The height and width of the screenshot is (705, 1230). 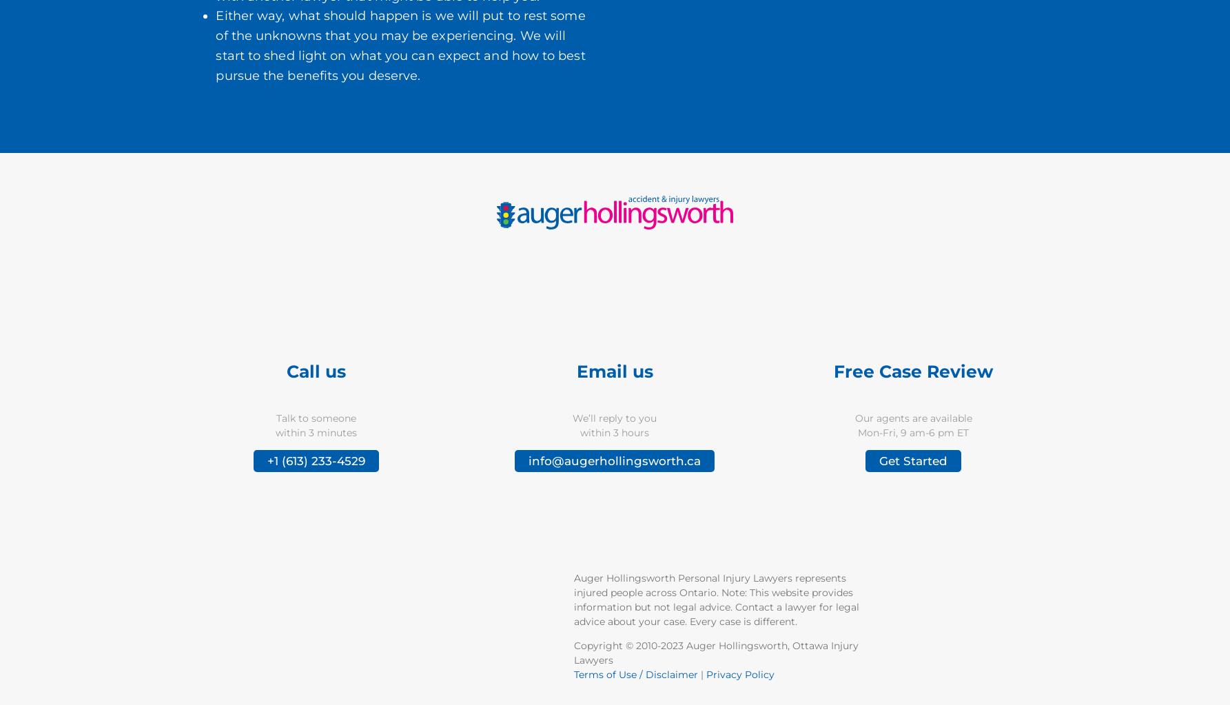 I want to click on 'info@augerhollingsworth.ca', so click(x=529, y=461).